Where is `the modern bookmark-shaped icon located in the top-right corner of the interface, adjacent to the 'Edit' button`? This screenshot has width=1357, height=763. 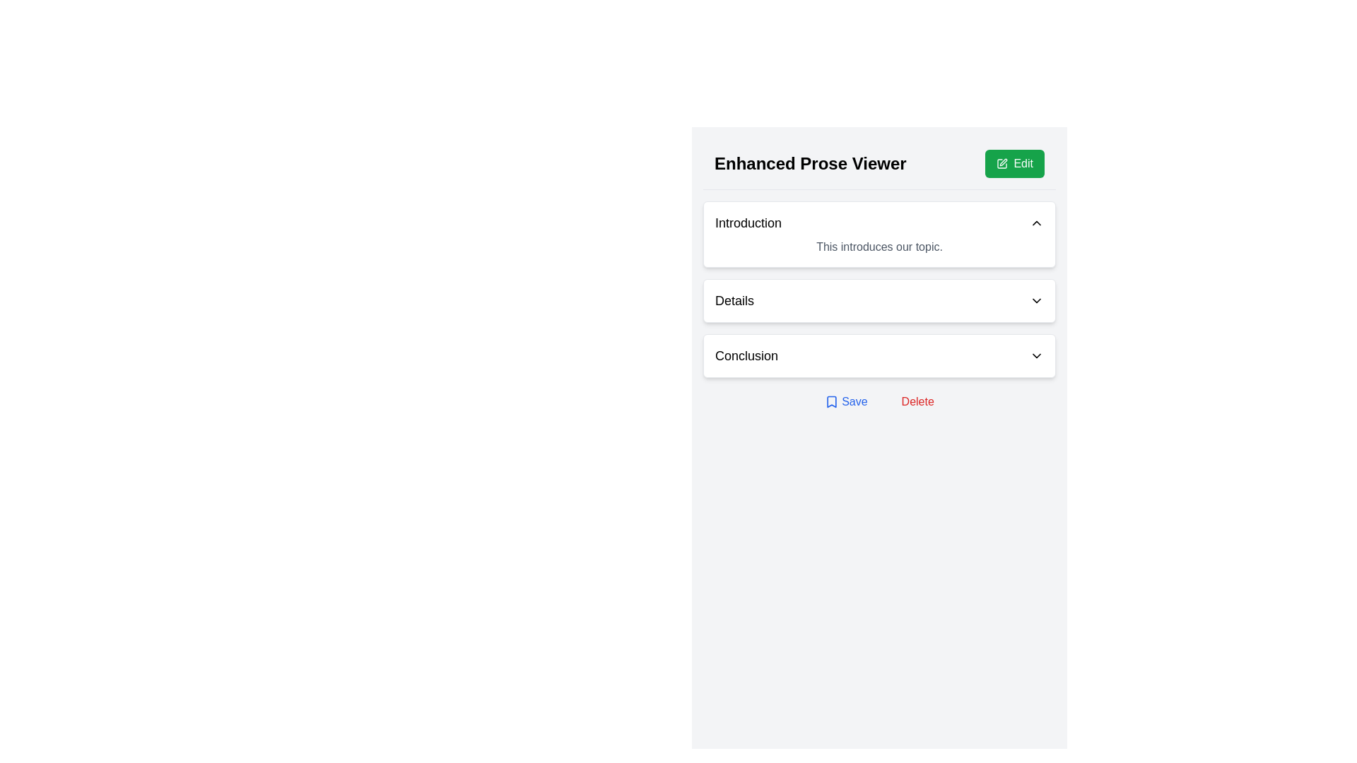 the modern bookmark-shaped icon located in the top-right corner of the interface, adjacent to the 'Edit' button is located at coordinates (832, 402).